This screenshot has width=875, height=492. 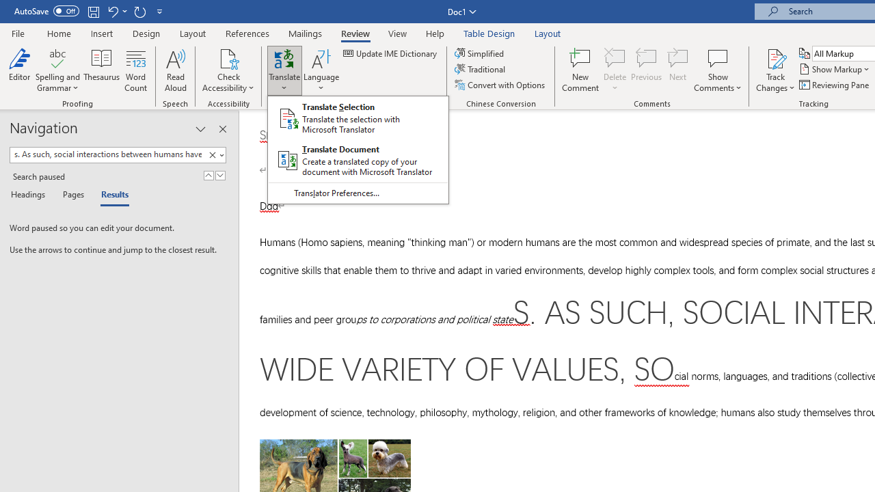 I want to click on 'Update IME Dictionary...', so click(x=390, y=53).